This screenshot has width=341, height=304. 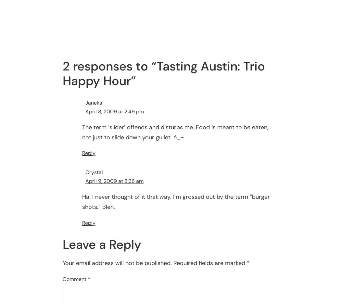 I want to click on 'Ha! I never thought of it that way. I’m grossed out by the term “burger shots.” Bleh.', so click(x=82, y=202).